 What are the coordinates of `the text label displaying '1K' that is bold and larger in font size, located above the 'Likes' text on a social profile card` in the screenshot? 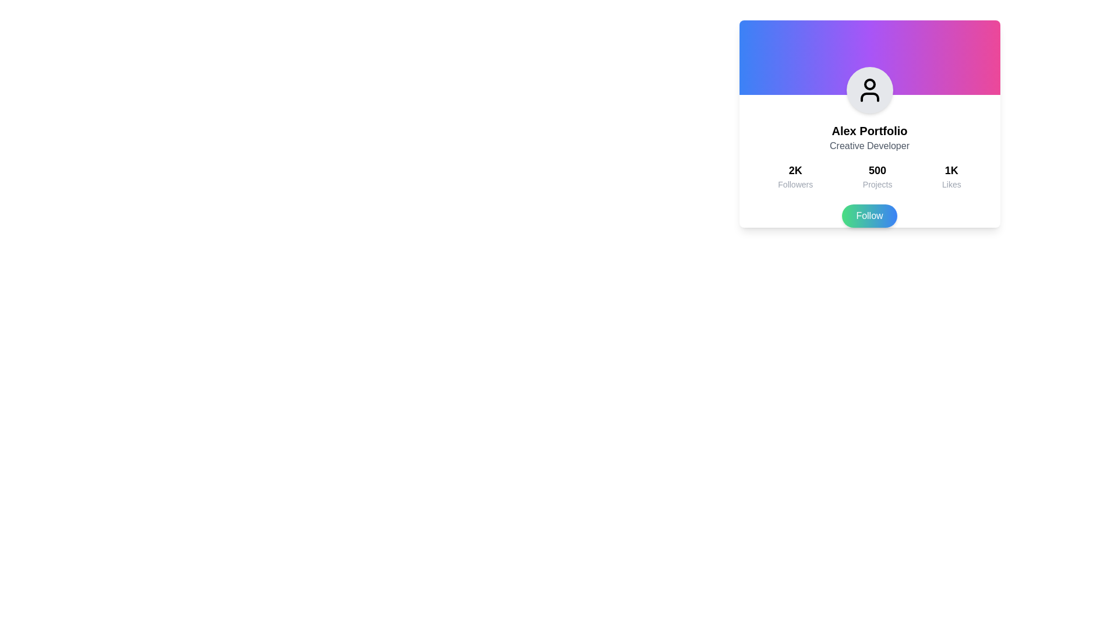 It's located at (951, 171).